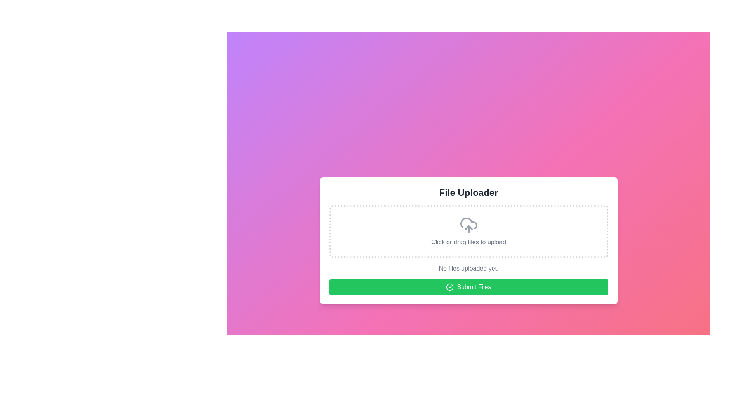  I want to click on the 'Submit Files' button, which features a circular green checkmark icon with white outlines to the left of the text, so click(450, 287).